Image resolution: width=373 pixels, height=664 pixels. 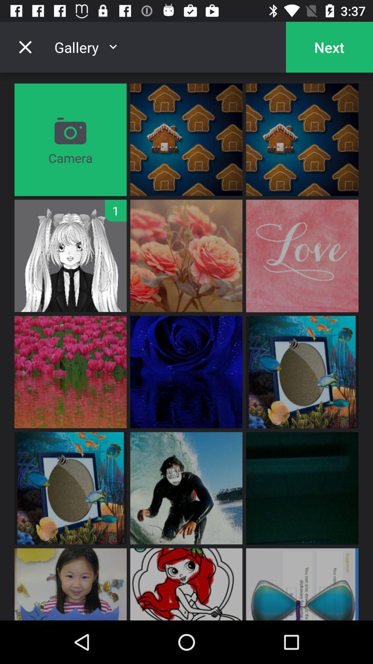 I want to click on item to the left of gallery item, so click(x=25, y=47).